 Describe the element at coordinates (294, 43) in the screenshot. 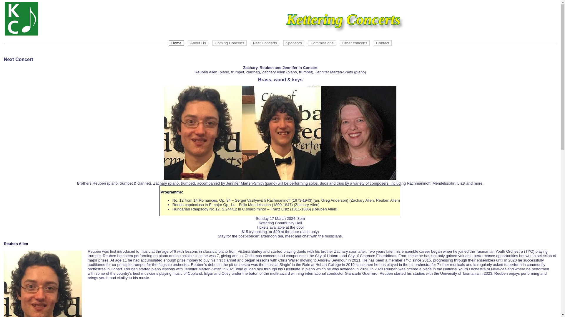

I see `'Sponsors'` at that location.